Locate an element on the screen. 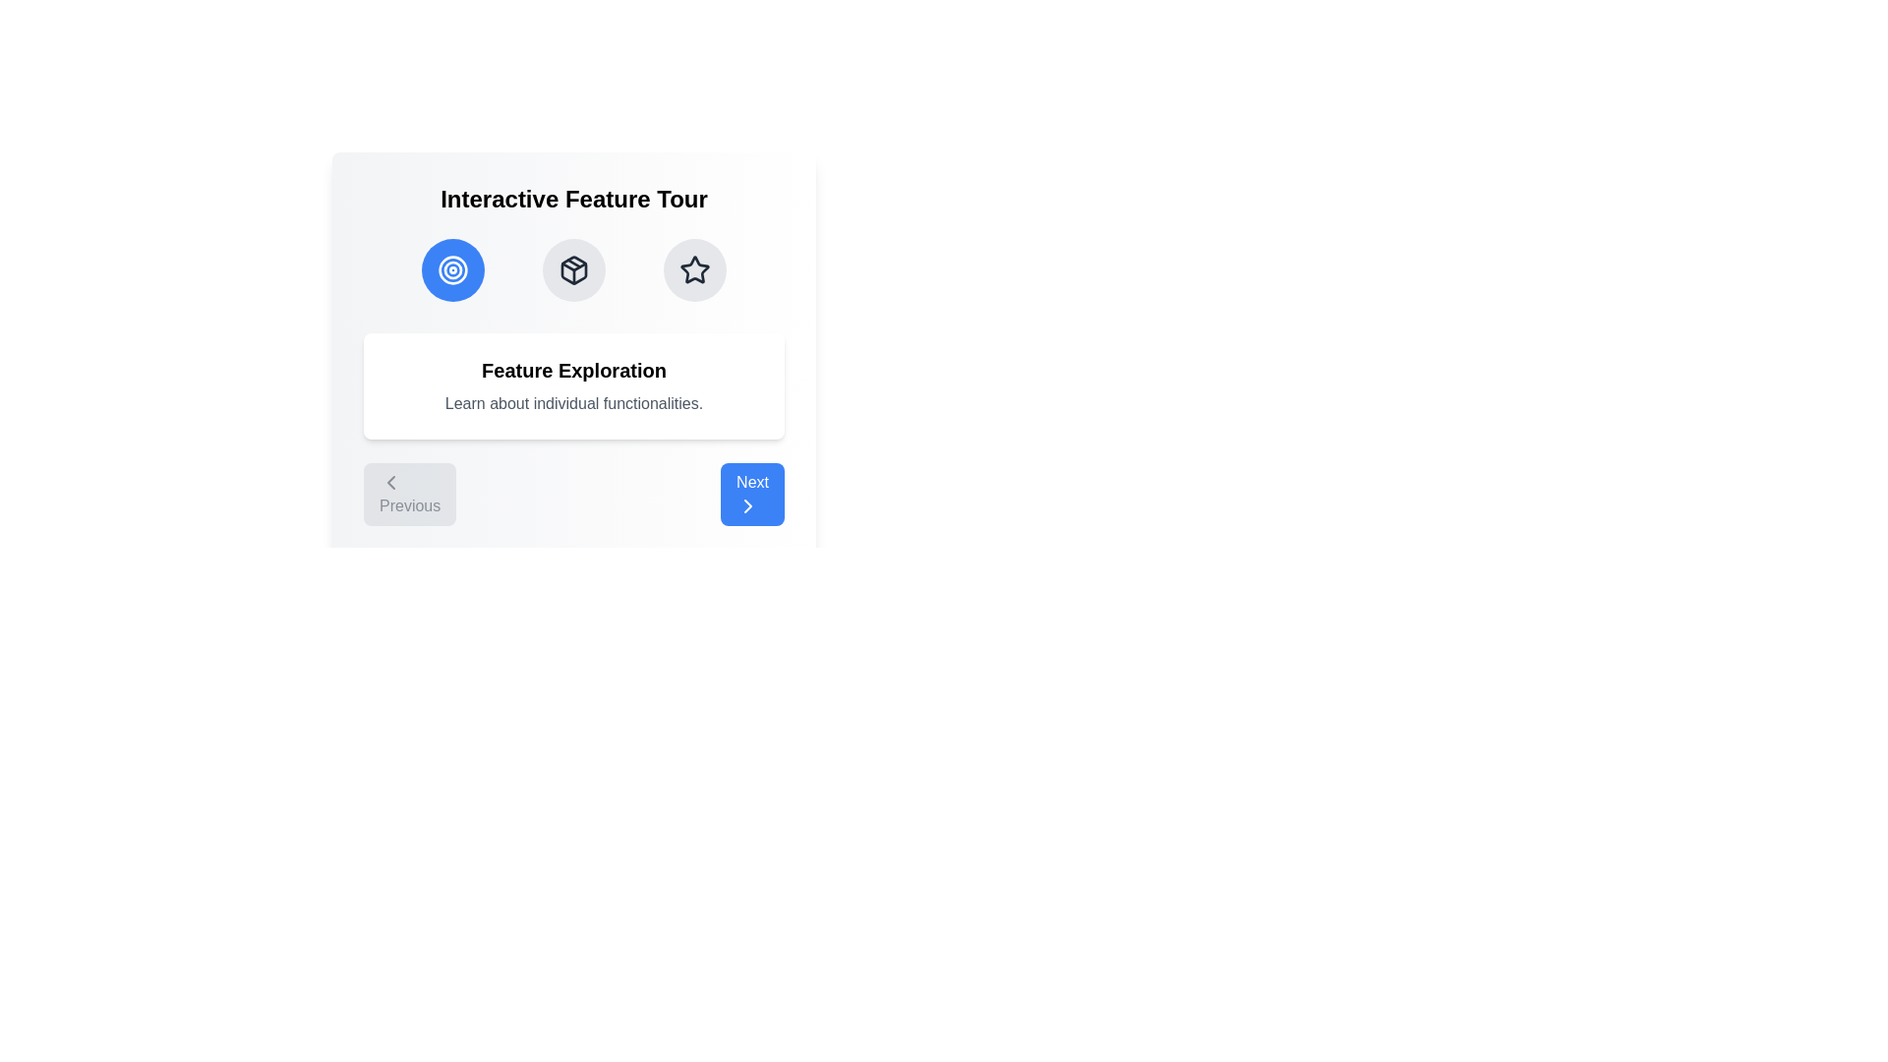  the outermost circle of the target icon, which is the first icon in a row of three circular icons located at the upper left part of the main interface is located at coordinates (451, 269).